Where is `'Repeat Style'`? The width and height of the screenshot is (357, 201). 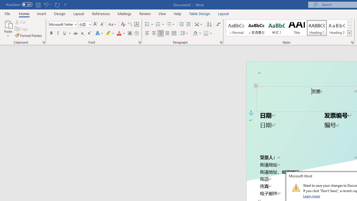
'Repeat Style' is located at coordinates (57, 4).